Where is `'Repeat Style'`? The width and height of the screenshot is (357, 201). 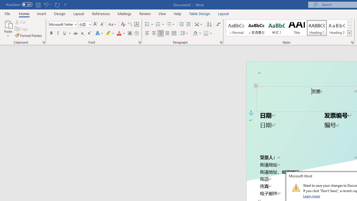
'Repeat Style' is located at coordinates (57, 4).